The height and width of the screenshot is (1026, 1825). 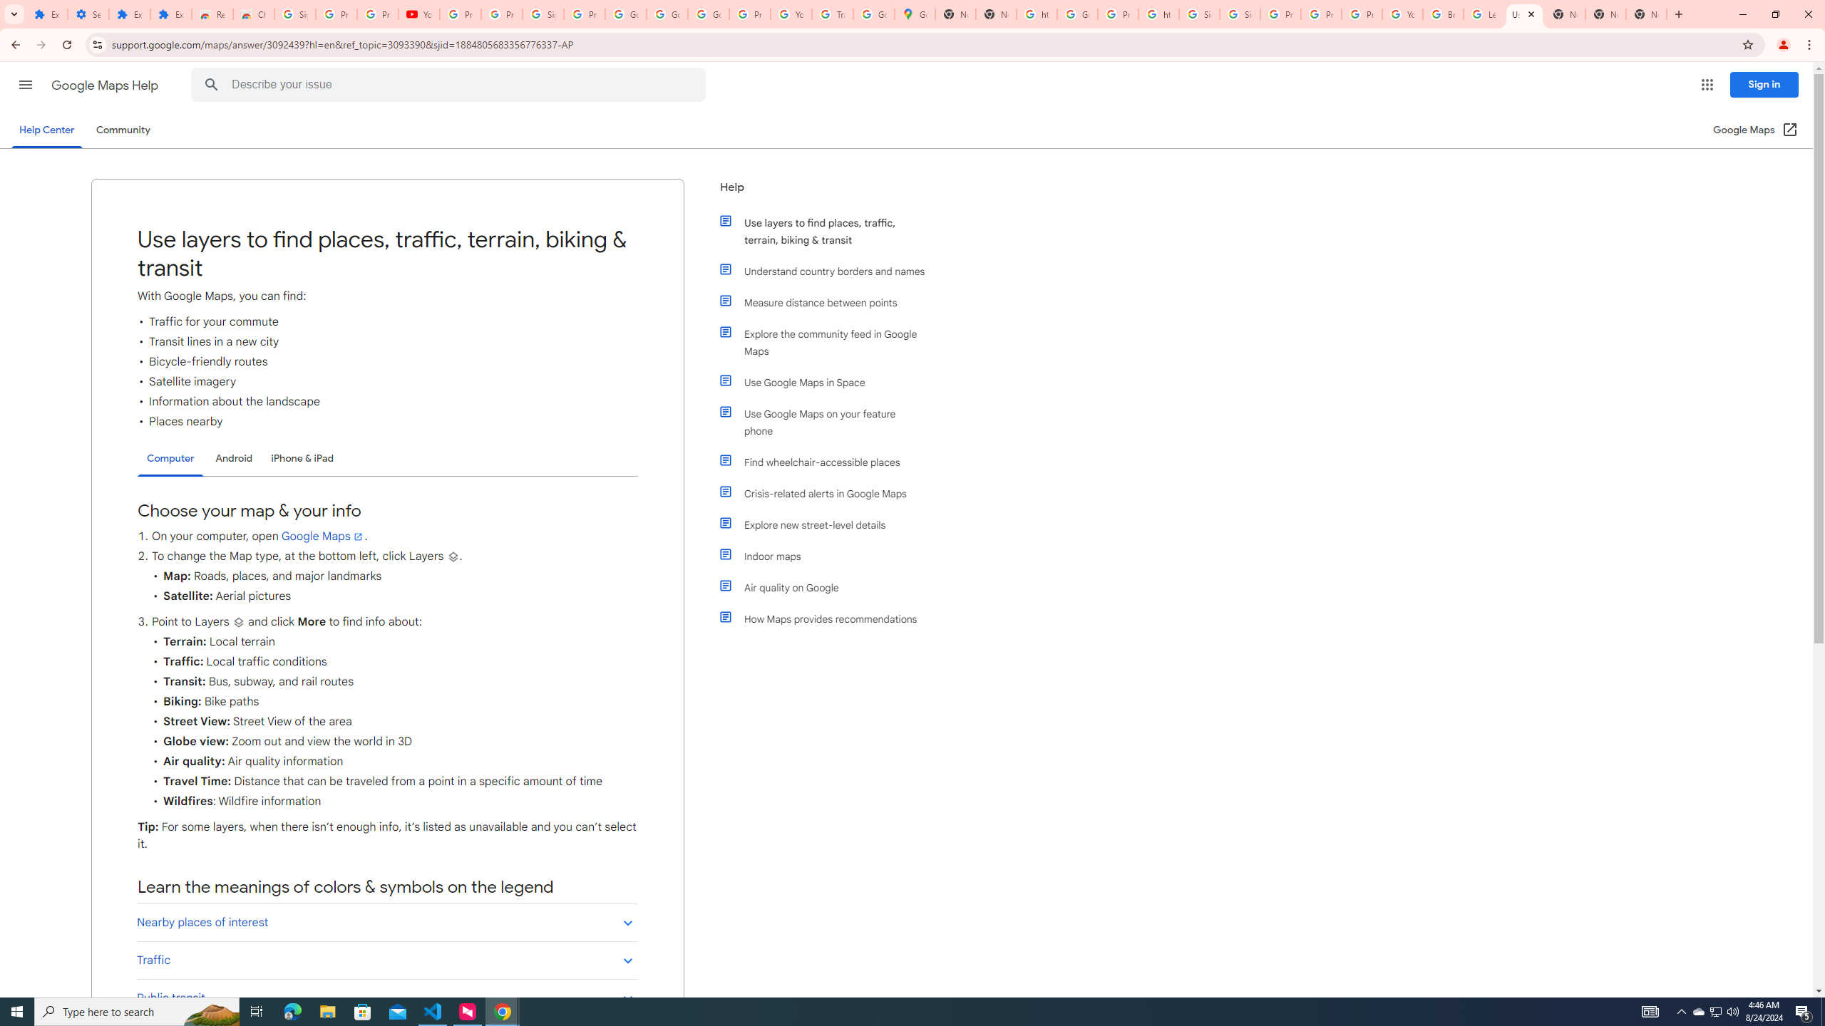 What do you see at coordinates (828, 382) in the screenshot?
I see `'Use Google Maps in Space'` at bounding box center [828, 382].